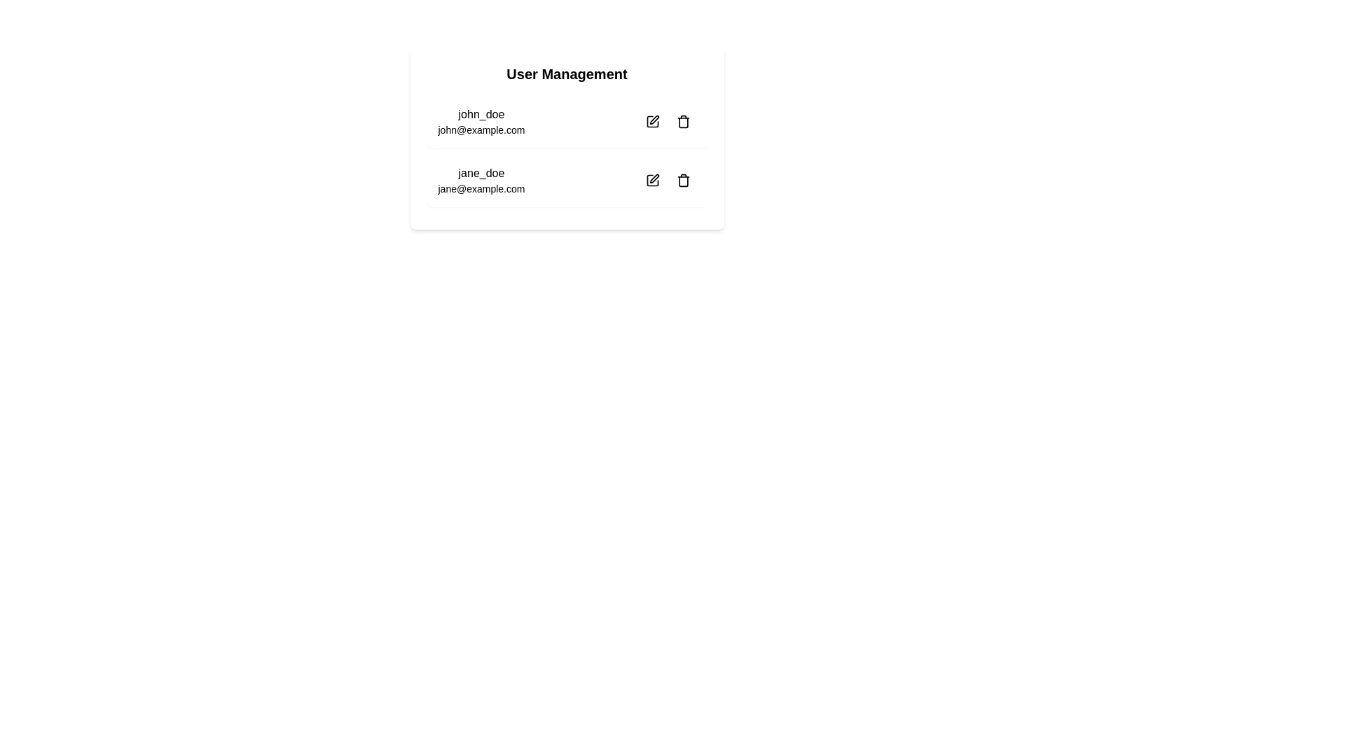 Image resolution: width=1345 pixels, height=756 pixels. I want to click on the delete button located to the right of the user entry for 'jane_doe', so click(683, 180).